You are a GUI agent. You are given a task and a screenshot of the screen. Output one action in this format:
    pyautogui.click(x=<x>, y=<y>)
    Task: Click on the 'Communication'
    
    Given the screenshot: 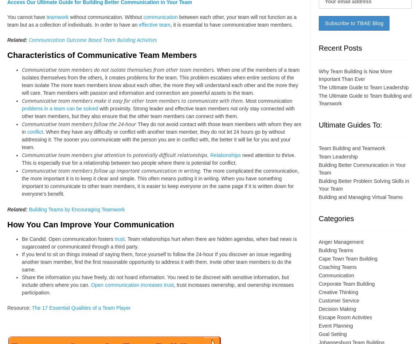 What is the action you would take?
    pyautogui.click(x=336, y=275)
    